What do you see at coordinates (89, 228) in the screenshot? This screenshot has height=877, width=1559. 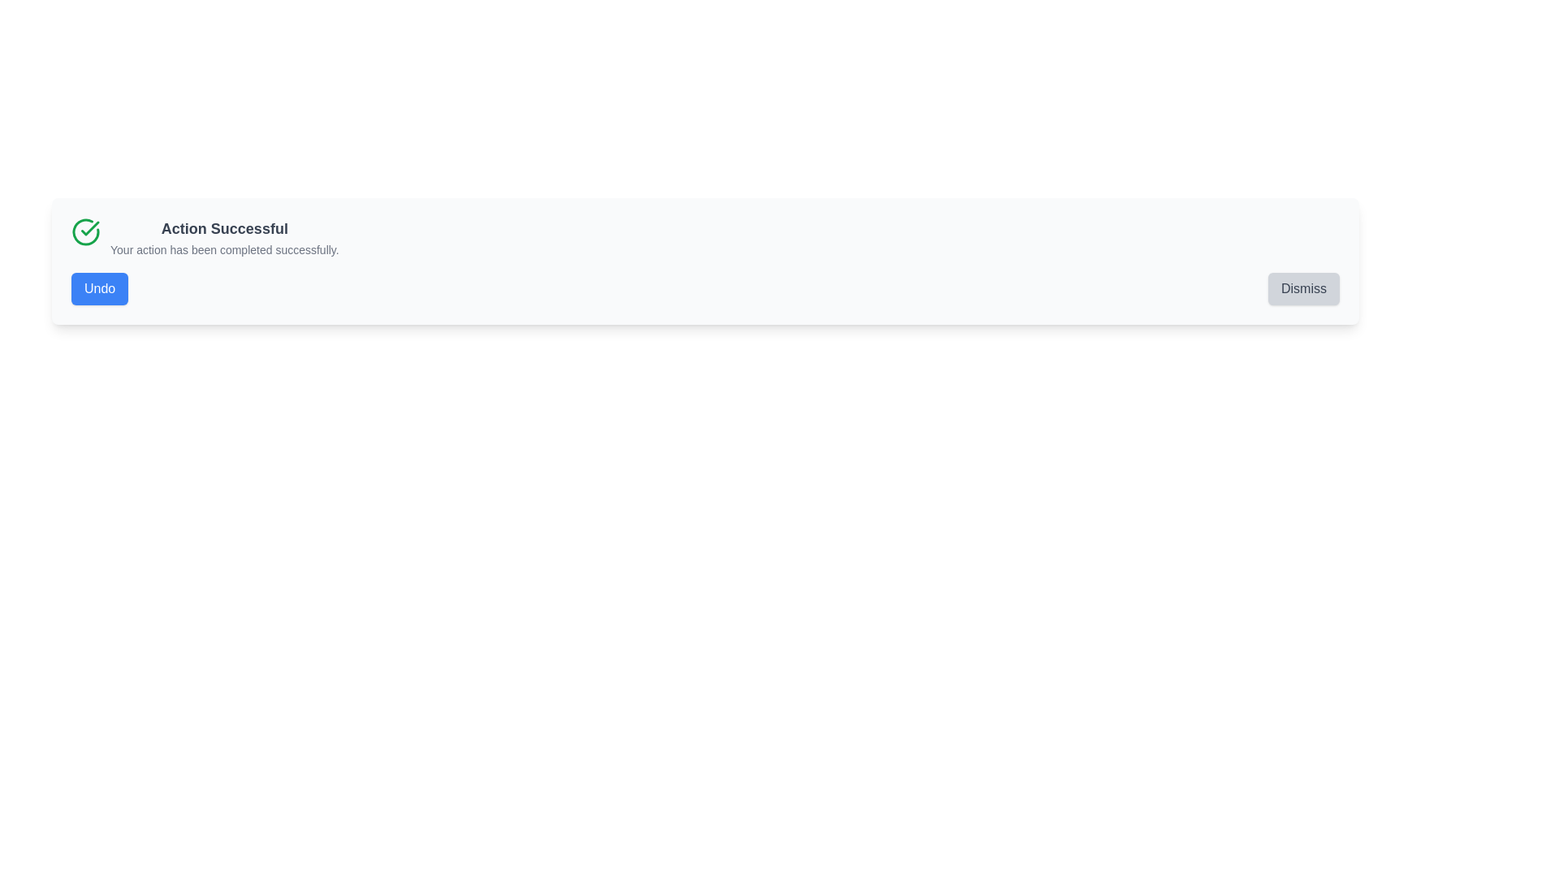 I see `the green checkmark icon indicating action confirmation, which is located to the left of the text 'Action Successful'` at bounding box center [89, 228].